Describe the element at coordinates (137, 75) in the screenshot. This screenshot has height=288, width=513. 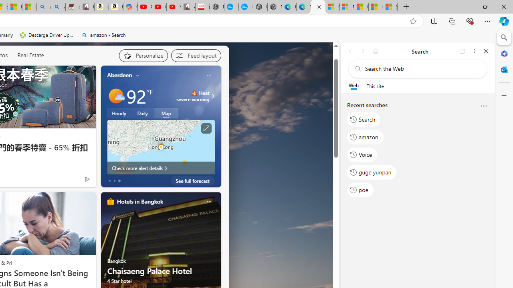
I see `'My location'` at that location.